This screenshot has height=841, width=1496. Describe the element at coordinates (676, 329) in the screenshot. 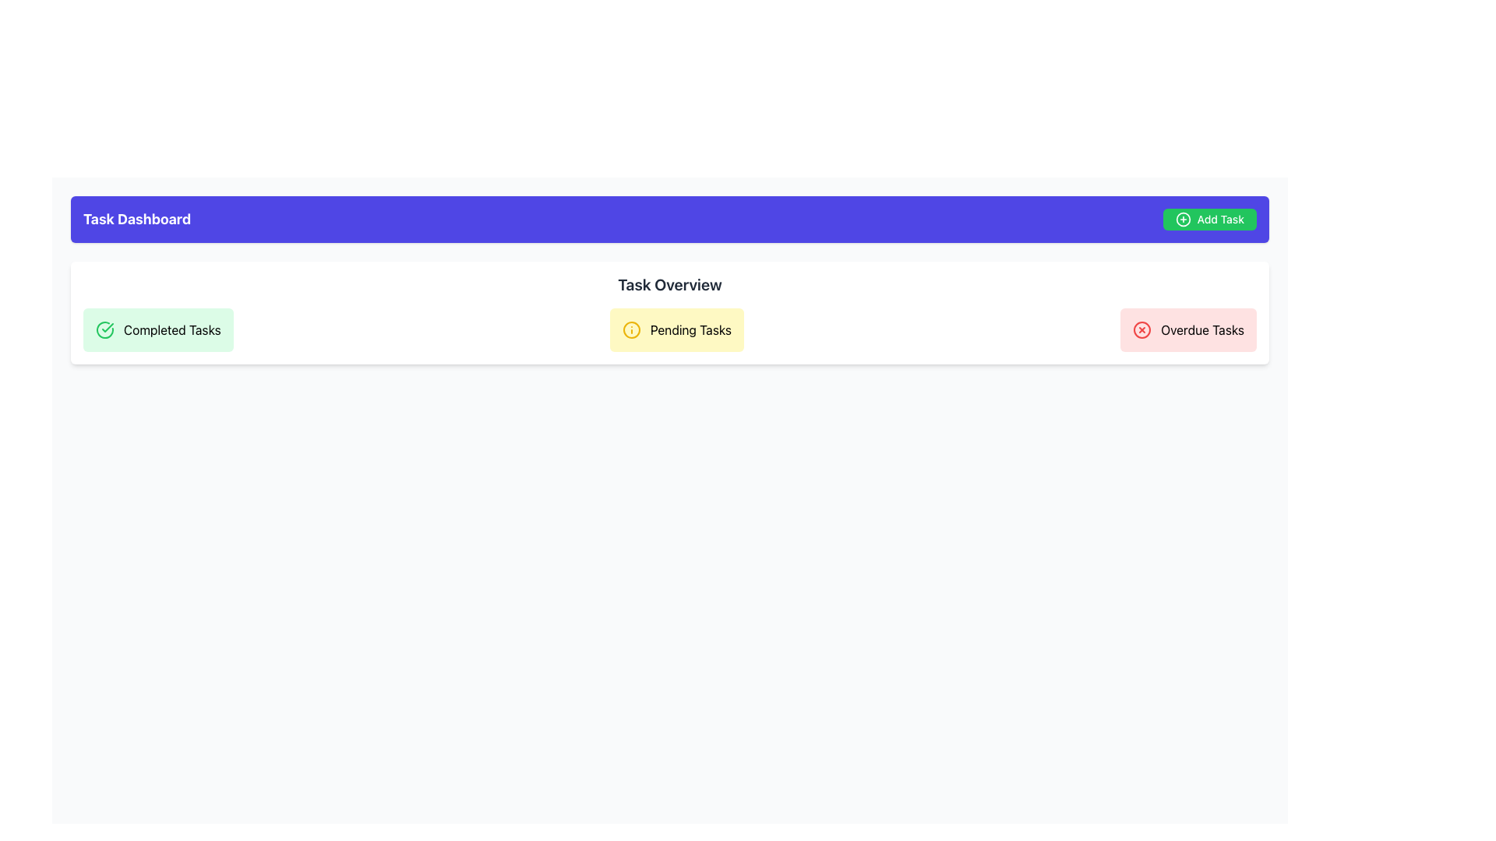

I see `the Information Card that displays the status of pending tasks, located centrally between the 'Completed Tasks' and 'Overdue Tasks' cards in the 'Task Overview' section` at that location.